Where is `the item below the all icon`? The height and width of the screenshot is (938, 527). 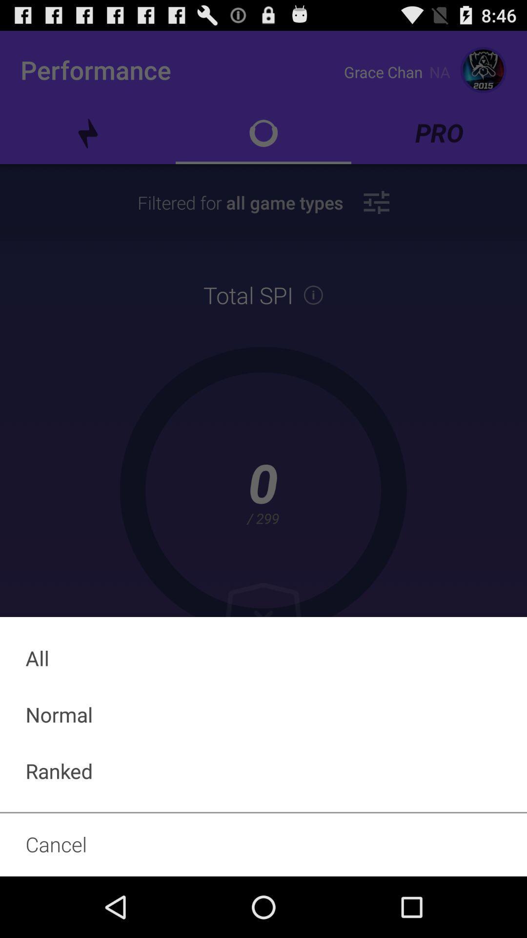 the item below the all icon is located at coordinates (263, 714).